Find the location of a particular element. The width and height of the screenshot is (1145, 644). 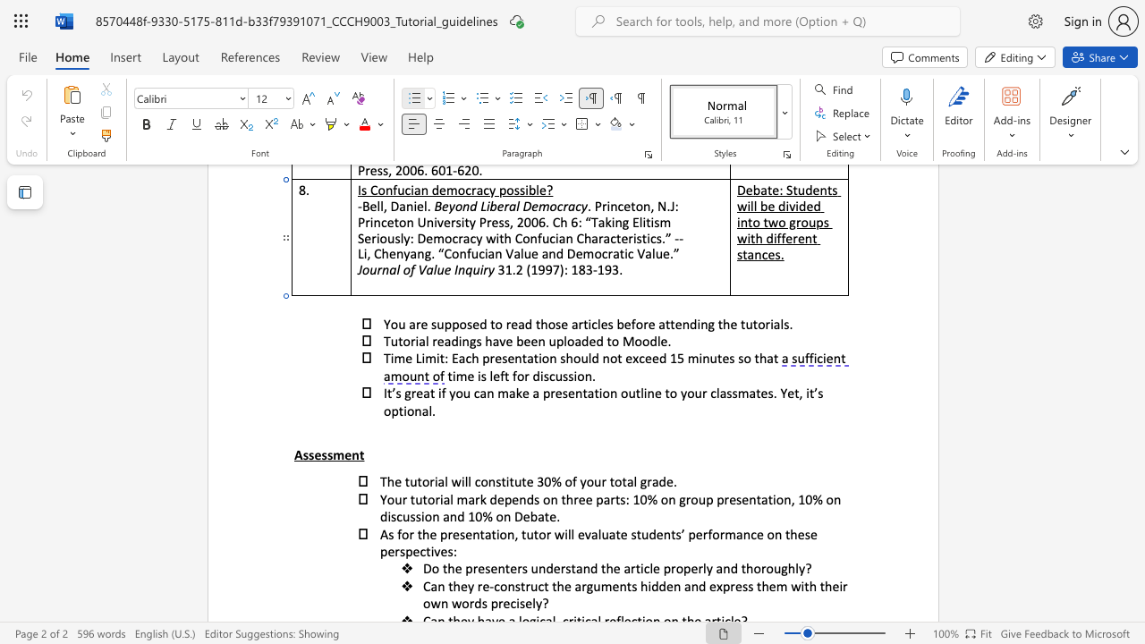

the 1th character "t" in the text is located at coordinates (406, 480).